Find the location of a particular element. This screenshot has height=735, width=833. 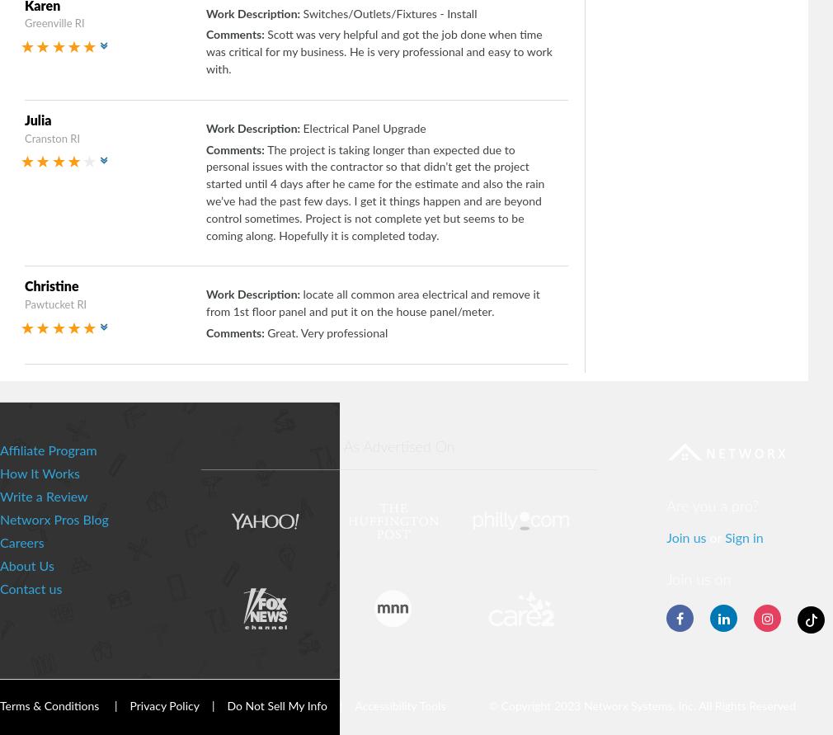

'Christine' is located at coordinates (50, 286).